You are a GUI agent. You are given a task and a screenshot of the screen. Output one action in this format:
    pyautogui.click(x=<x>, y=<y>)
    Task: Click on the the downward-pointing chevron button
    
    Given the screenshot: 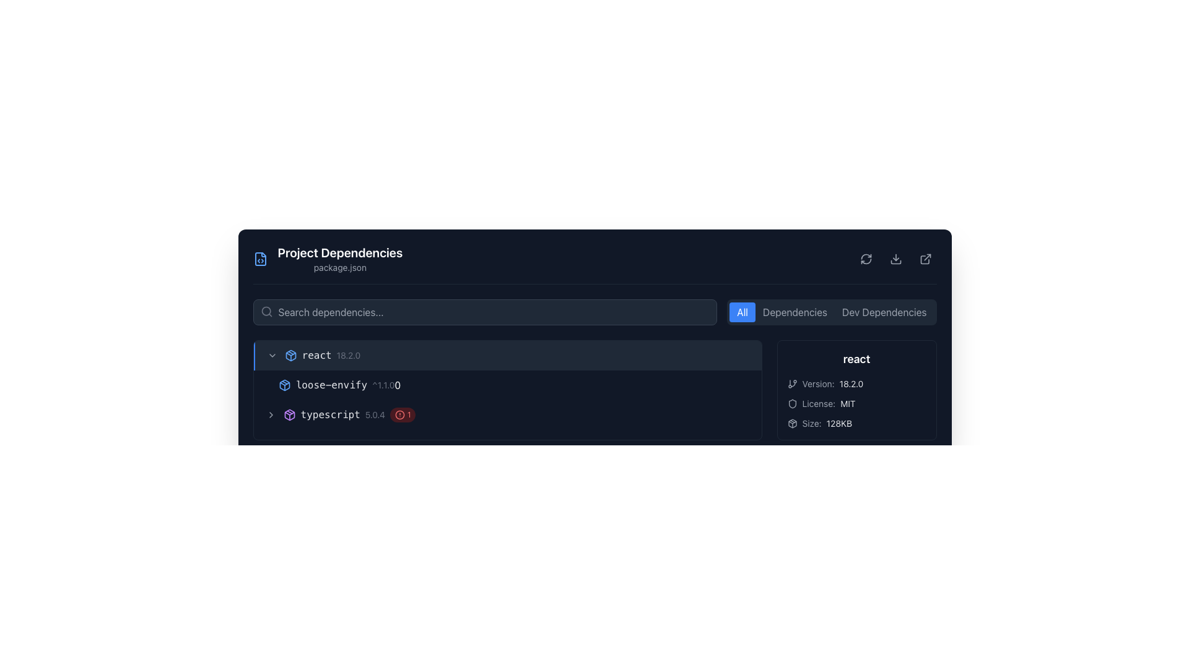 What is the action you would take?
    pyautogui.click(x=271, y=355)
    